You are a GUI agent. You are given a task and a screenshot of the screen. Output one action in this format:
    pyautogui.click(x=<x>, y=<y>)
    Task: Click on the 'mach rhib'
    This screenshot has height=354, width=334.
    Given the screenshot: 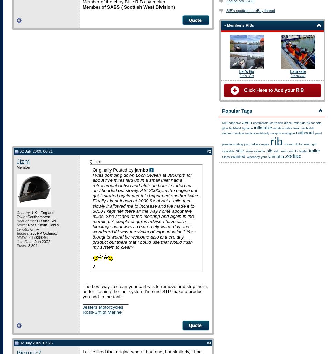 What is the action you would take?
    pyautogui.click(x=307, y=128)
    